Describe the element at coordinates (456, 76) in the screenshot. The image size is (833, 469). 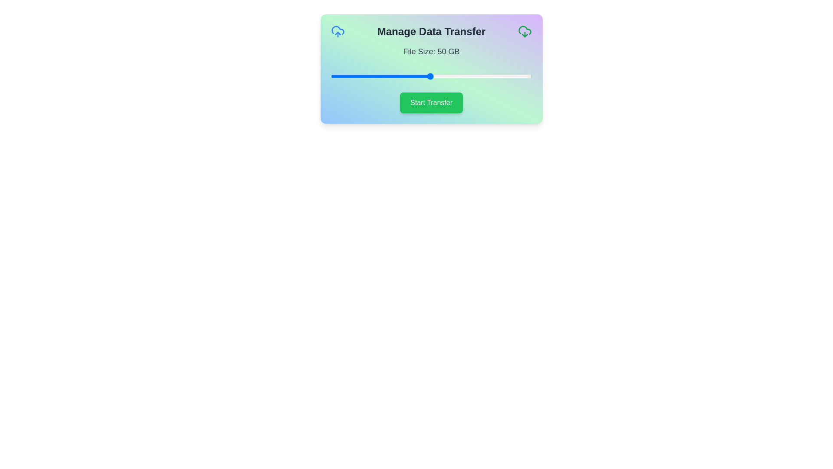
I see `the slider to set the file size to 63 GB` at that location.